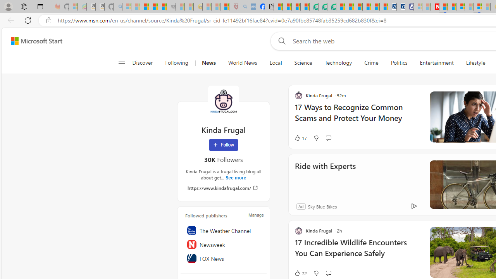 The width and height of the screenshot is (496, 279). What do you see at coordinates (145, 63) in the screenshot?
I see `'Discover'` at bounding box center [145, 63].